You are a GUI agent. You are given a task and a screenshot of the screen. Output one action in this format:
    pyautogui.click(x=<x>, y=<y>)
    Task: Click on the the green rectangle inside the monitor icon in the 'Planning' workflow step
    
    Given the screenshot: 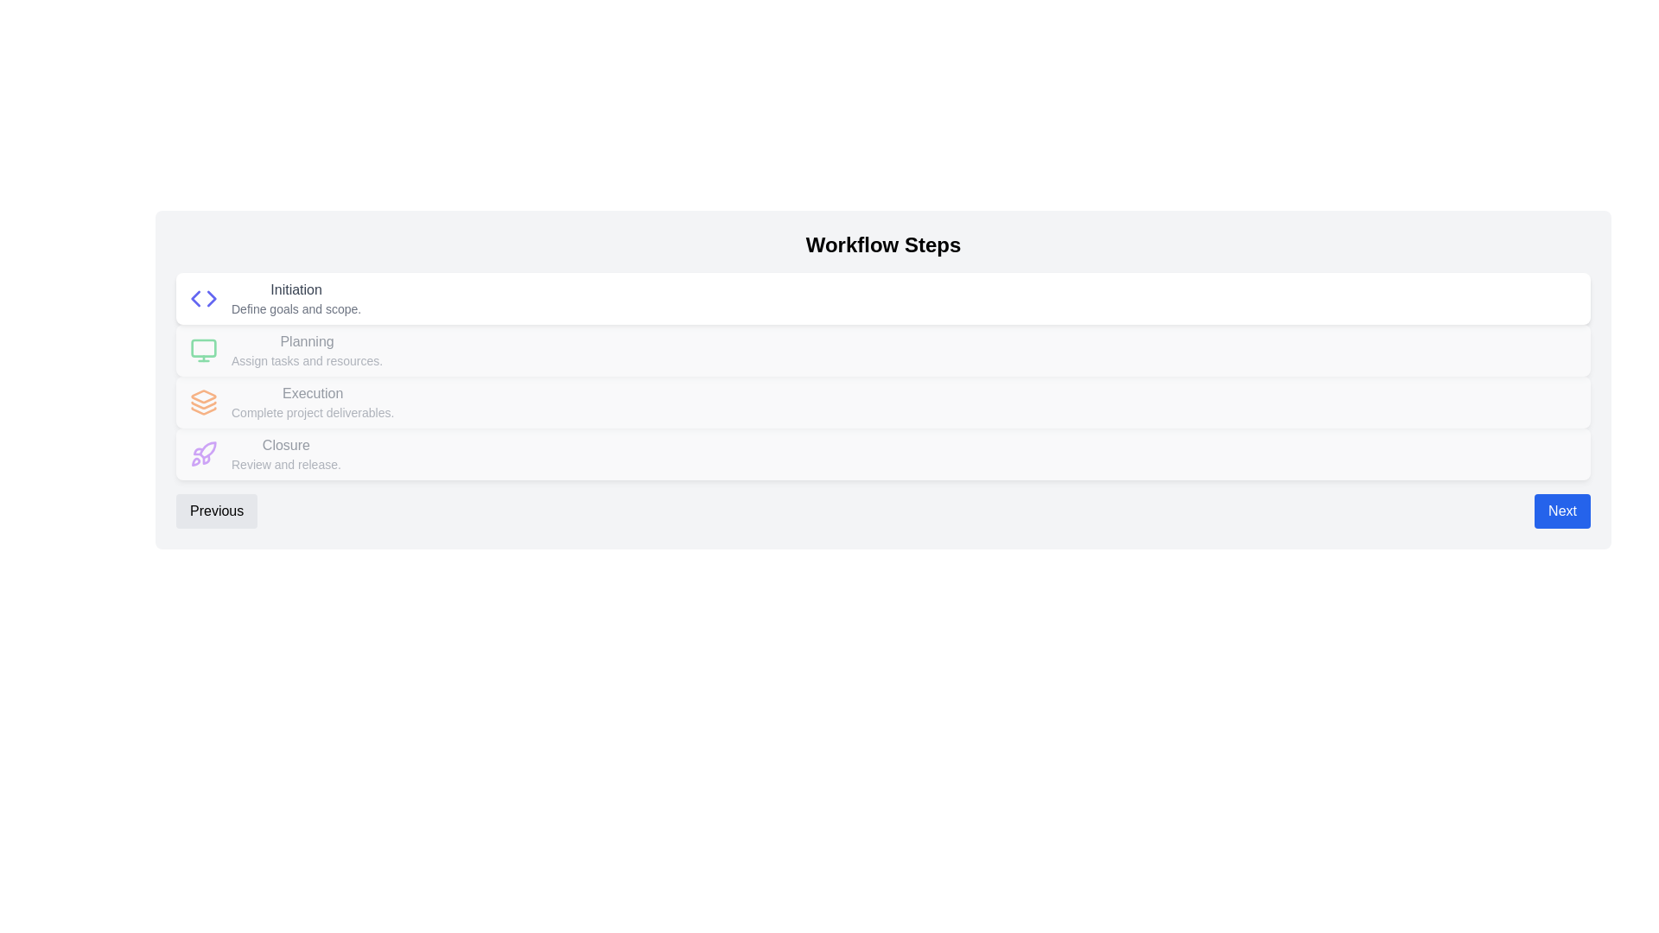 What is the action you would take?
    pyautogui.click(x=203, y=347)
    